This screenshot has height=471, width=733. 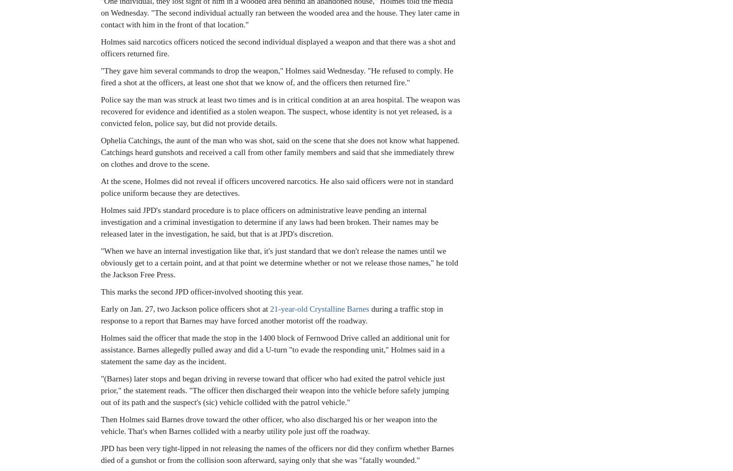 What do you see at coordinates (100, 47) in the screenshot?
I see `'Holmes said narcotics officers noticed the second individual displayed a weapon and that there was a shot and officers returned fire.'` at bounding box center [100, 47].